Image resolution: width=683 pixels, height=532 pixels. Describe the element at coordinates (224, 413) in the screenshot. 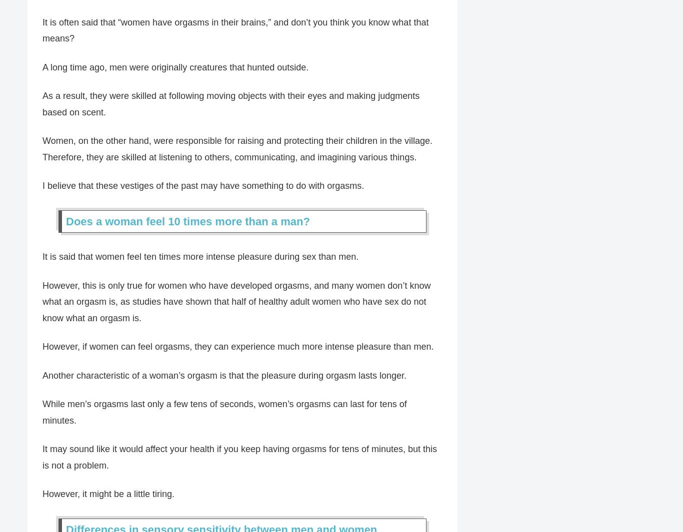

I see `'While men’s orgasms last only a few tens of seconds, women’s orgasms can last for tens of minutes.'` at that location.